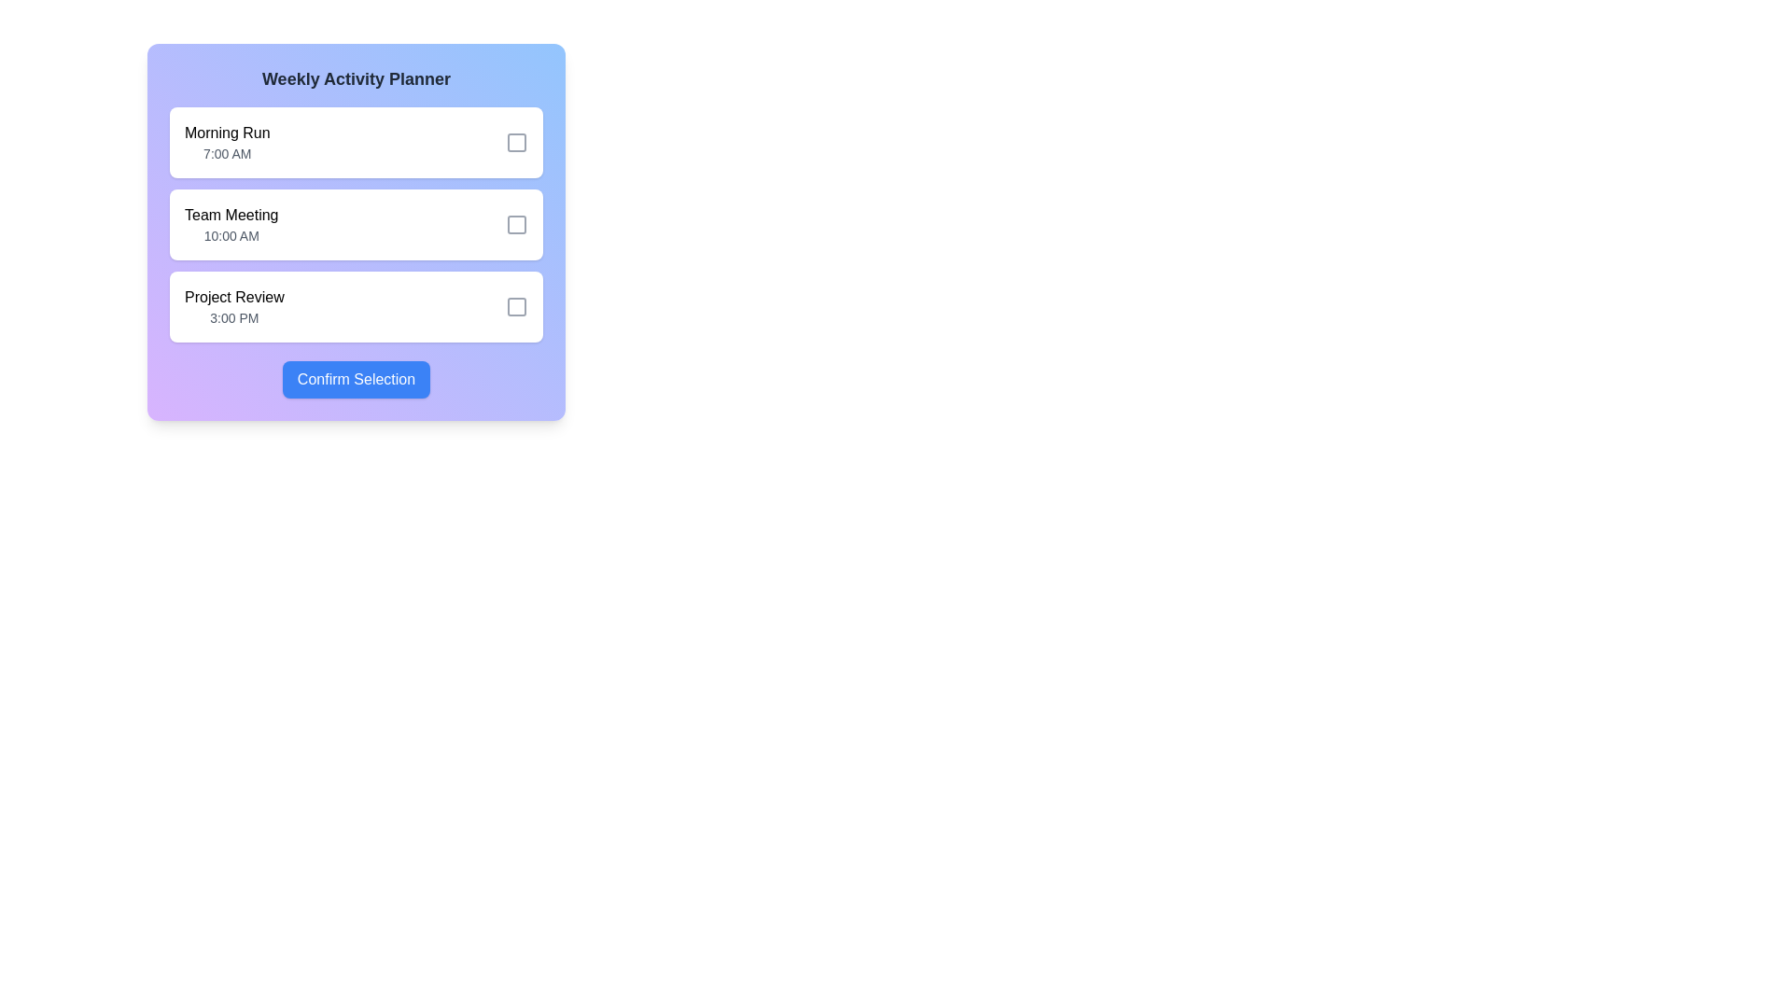 This screenshot has height=1008, width=1792. Describe the element at coordinates (516, 223) in the screenshot. I see `the checkbox icon located adjacent to the text 'Team Meeting' and '10:00 AM'` at that location.